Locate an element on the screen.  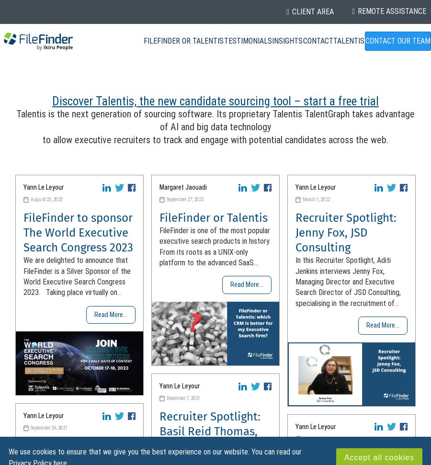
'We are delighted to announce that FileFinder is a Silver Sponsor of the World Executive Search Congress 2023.   Taking place virtually on...' is located at coordinates (23, 276).